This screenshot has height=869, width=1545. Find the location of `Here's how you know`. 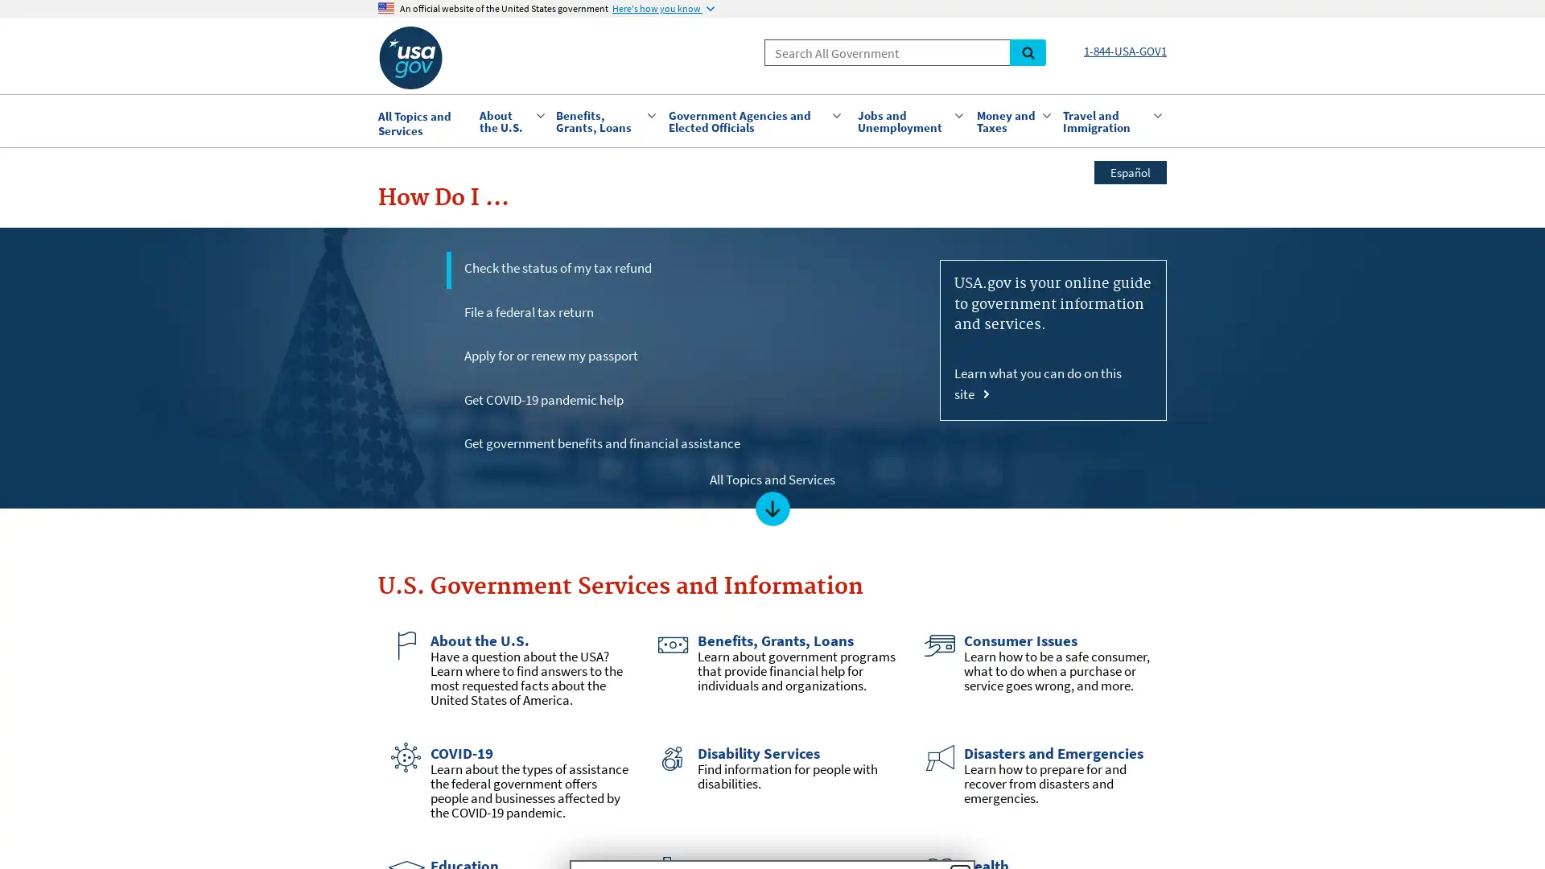

Here's how you know is located at coordinates (663, 9).